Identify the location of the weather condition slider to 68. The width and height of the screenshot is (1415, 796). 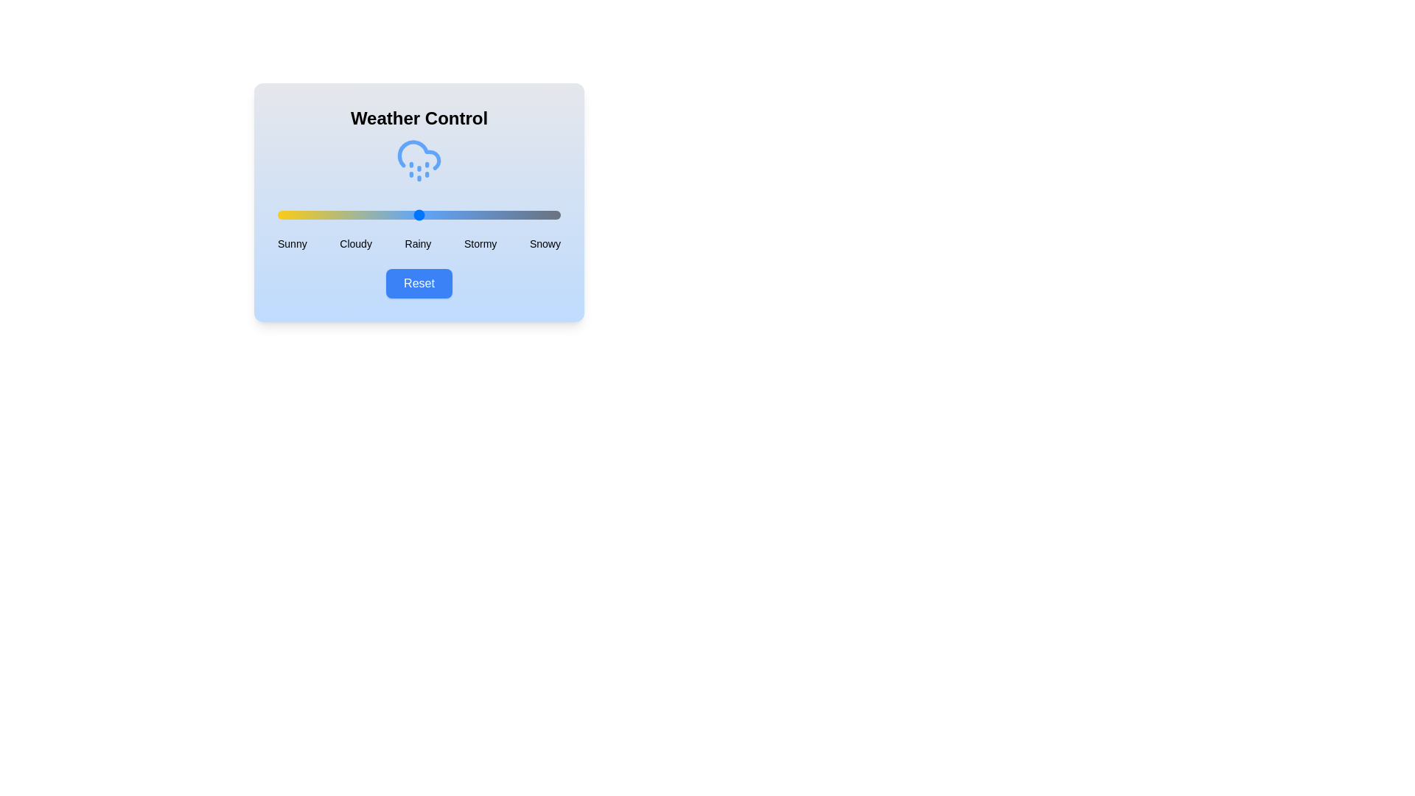
(469, 215).